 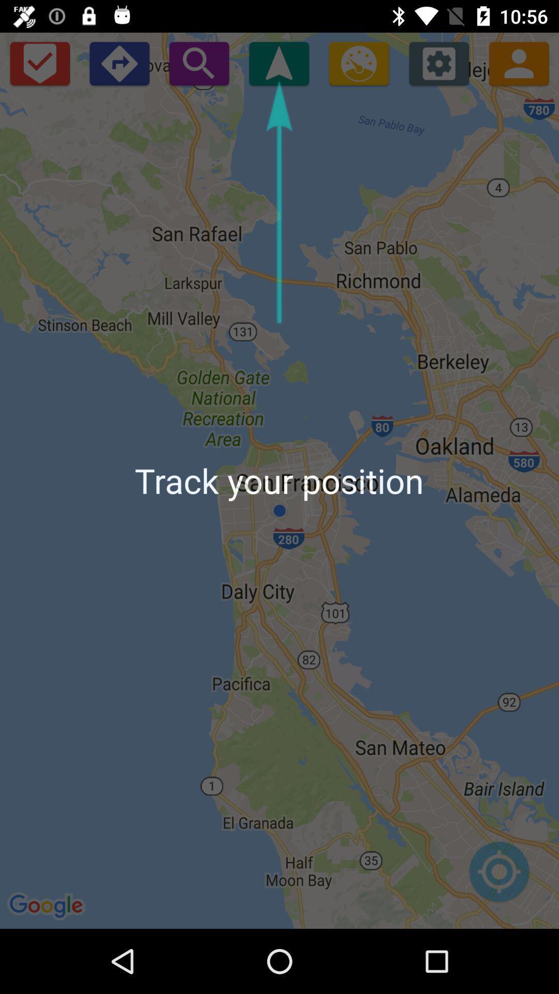 I want to click on open settings, so click(x=439, y=63).